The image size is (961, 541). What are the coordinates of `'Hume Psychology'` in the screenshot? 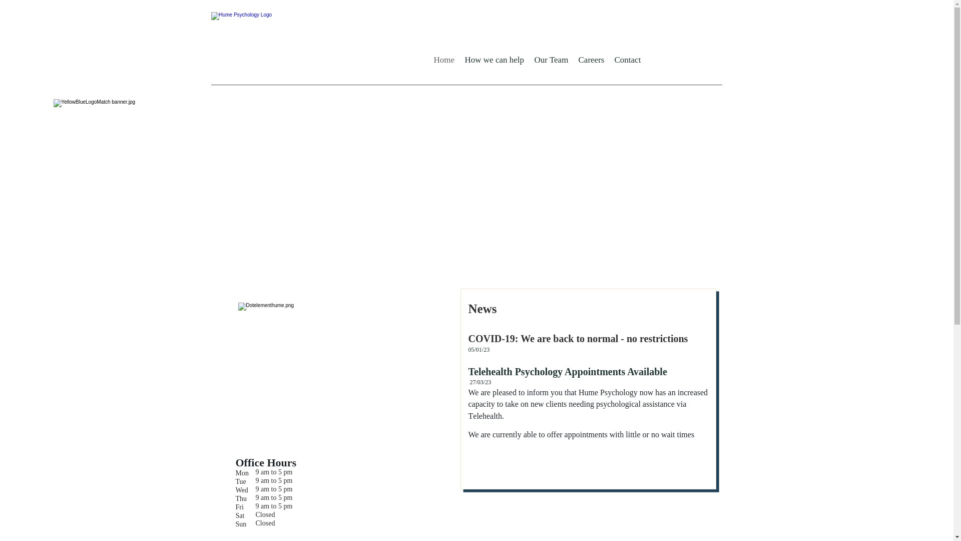 It's located at (308, 44).